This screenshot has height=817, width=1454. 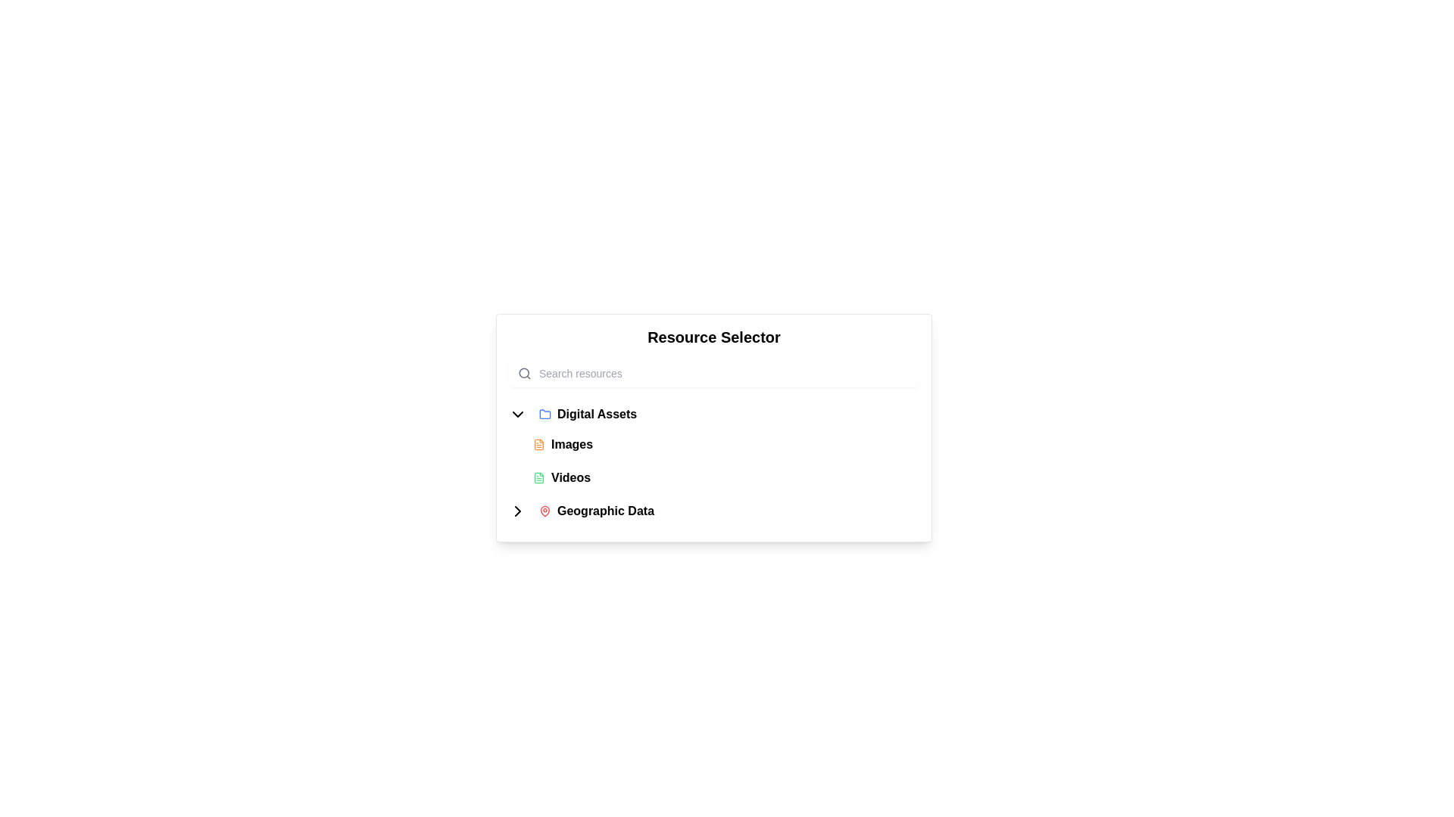 I want to click on the folder icon with a blue hue located to the left of the 'Digital Assets' text in the menu, so click(x=545, y=414).